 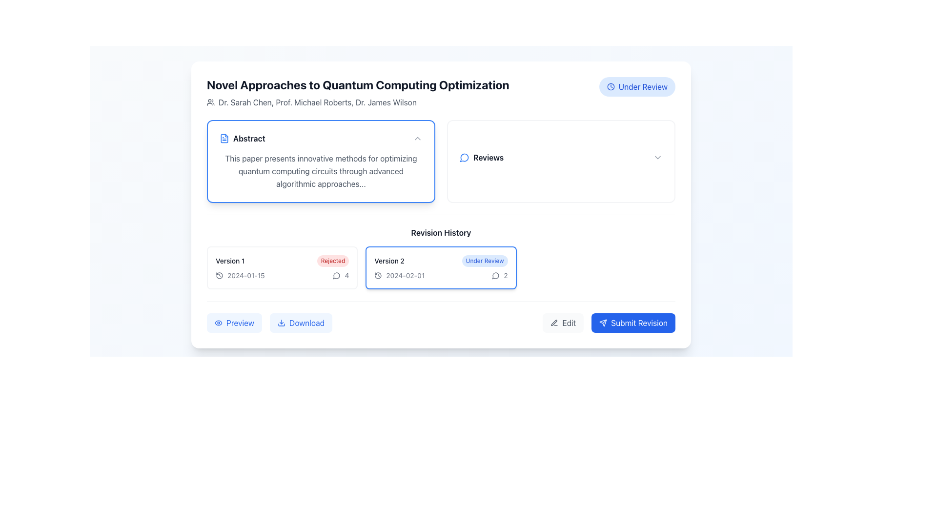 I want to click on the 'Submit Revision' button, which is a rectangular button with a blue background and white text, so click(x=609, y=323).